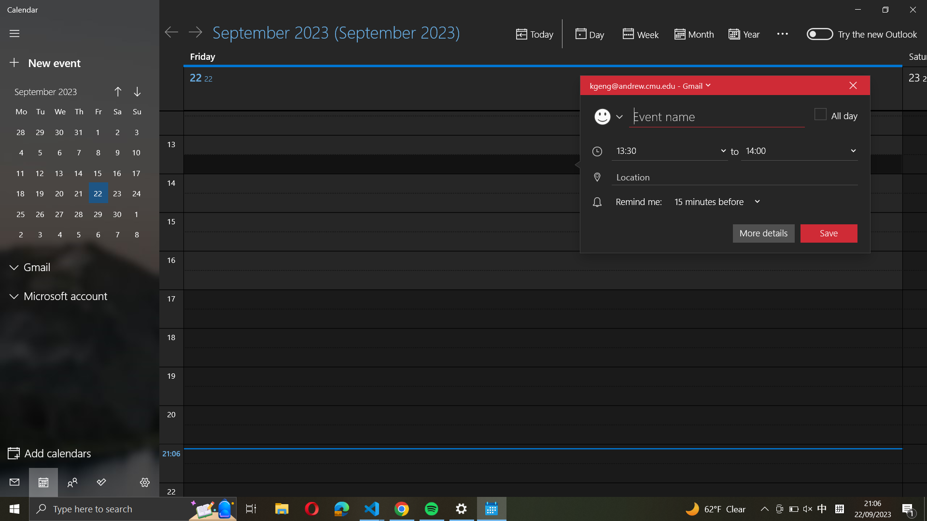 Image resolution: width=927 pixels, height=521 pixels. What do you see at coordinates (692, 34) in the screenshot?
I see `the month-based calendar` at bounding box center [692, 34].